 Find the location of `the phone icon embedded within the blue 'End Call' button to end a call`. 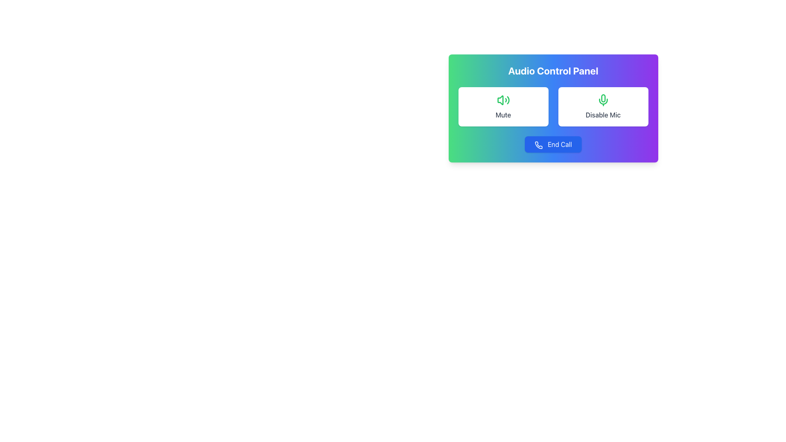

the phone icon embedded within the blue 'End Call' button to end a call is located at coordinates (538, 144).